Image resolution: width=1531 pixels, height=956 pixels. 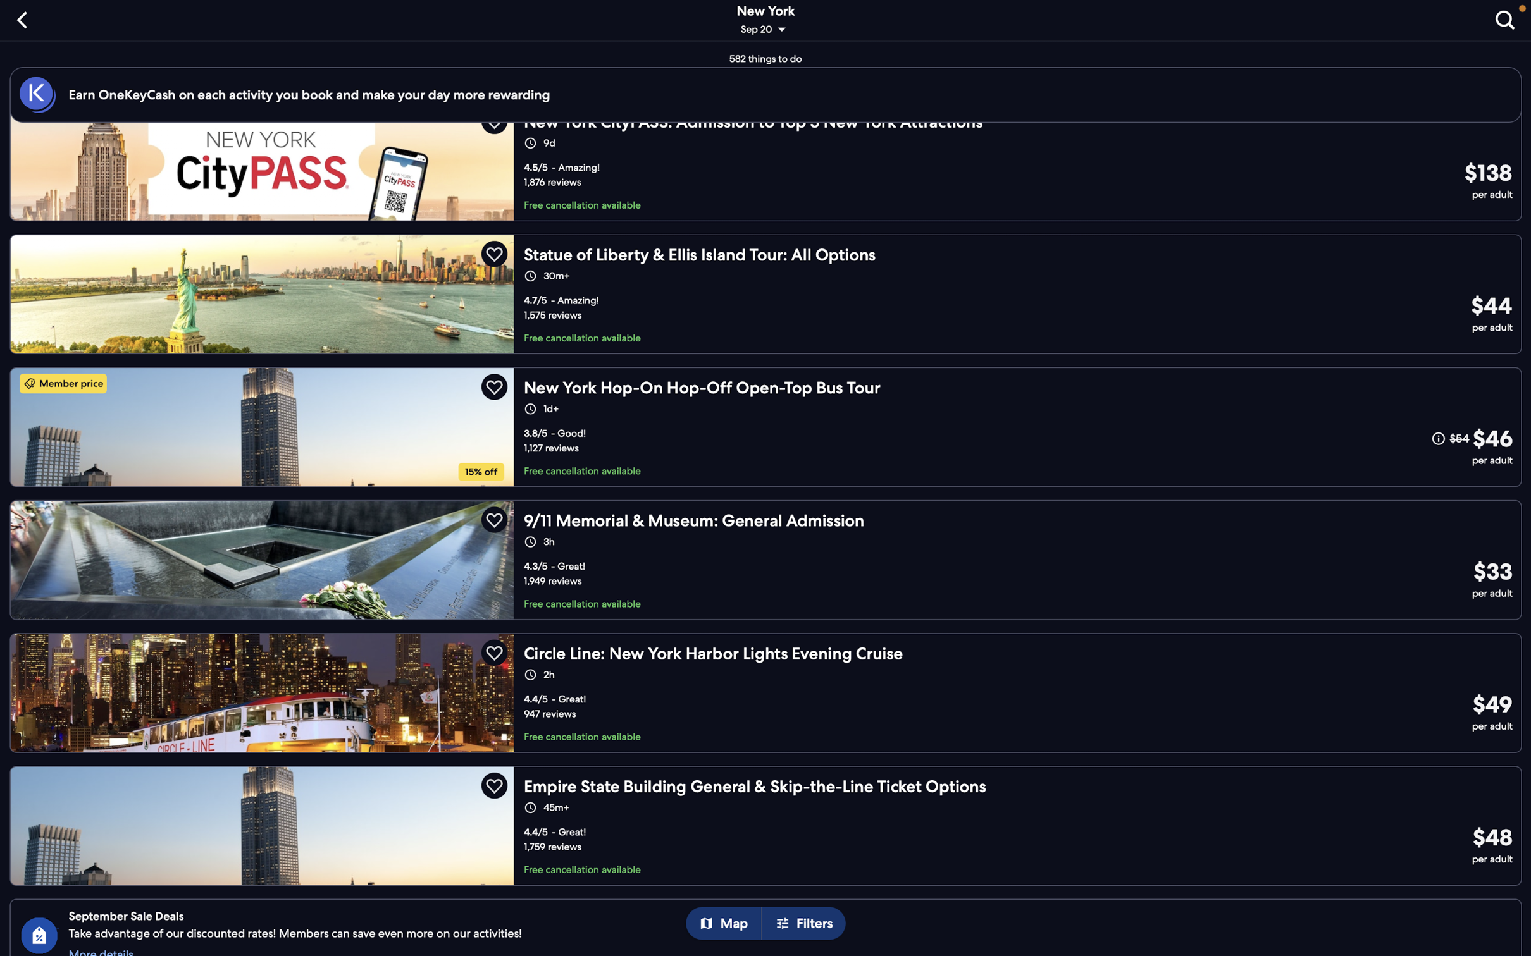 I want to click on To get further details, press the "memorial tour" button, so click(x=765, y=559).